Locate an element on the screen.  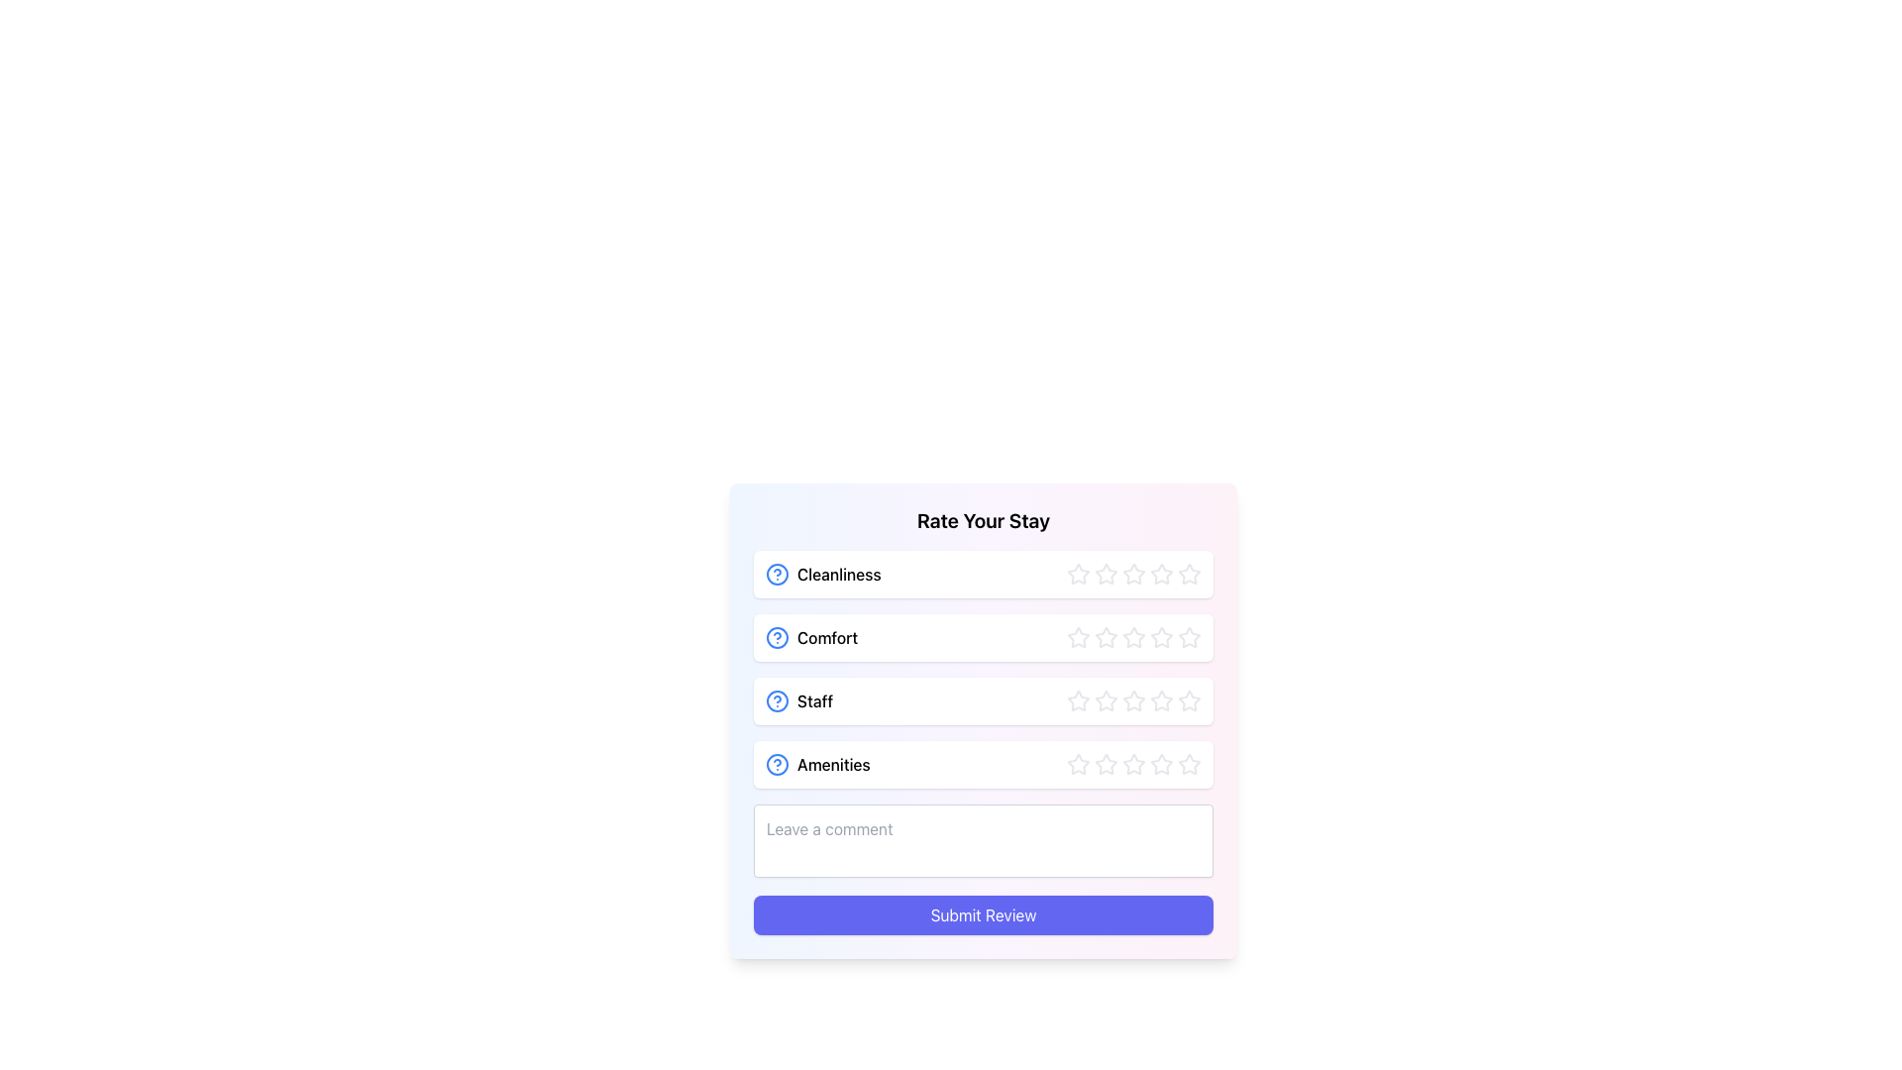
the text label displaying 'Staff', which is the third item in a vertical list of labels, positioned below 'Comfort' and above 'Amenities' is located at coordinates (798, 700).